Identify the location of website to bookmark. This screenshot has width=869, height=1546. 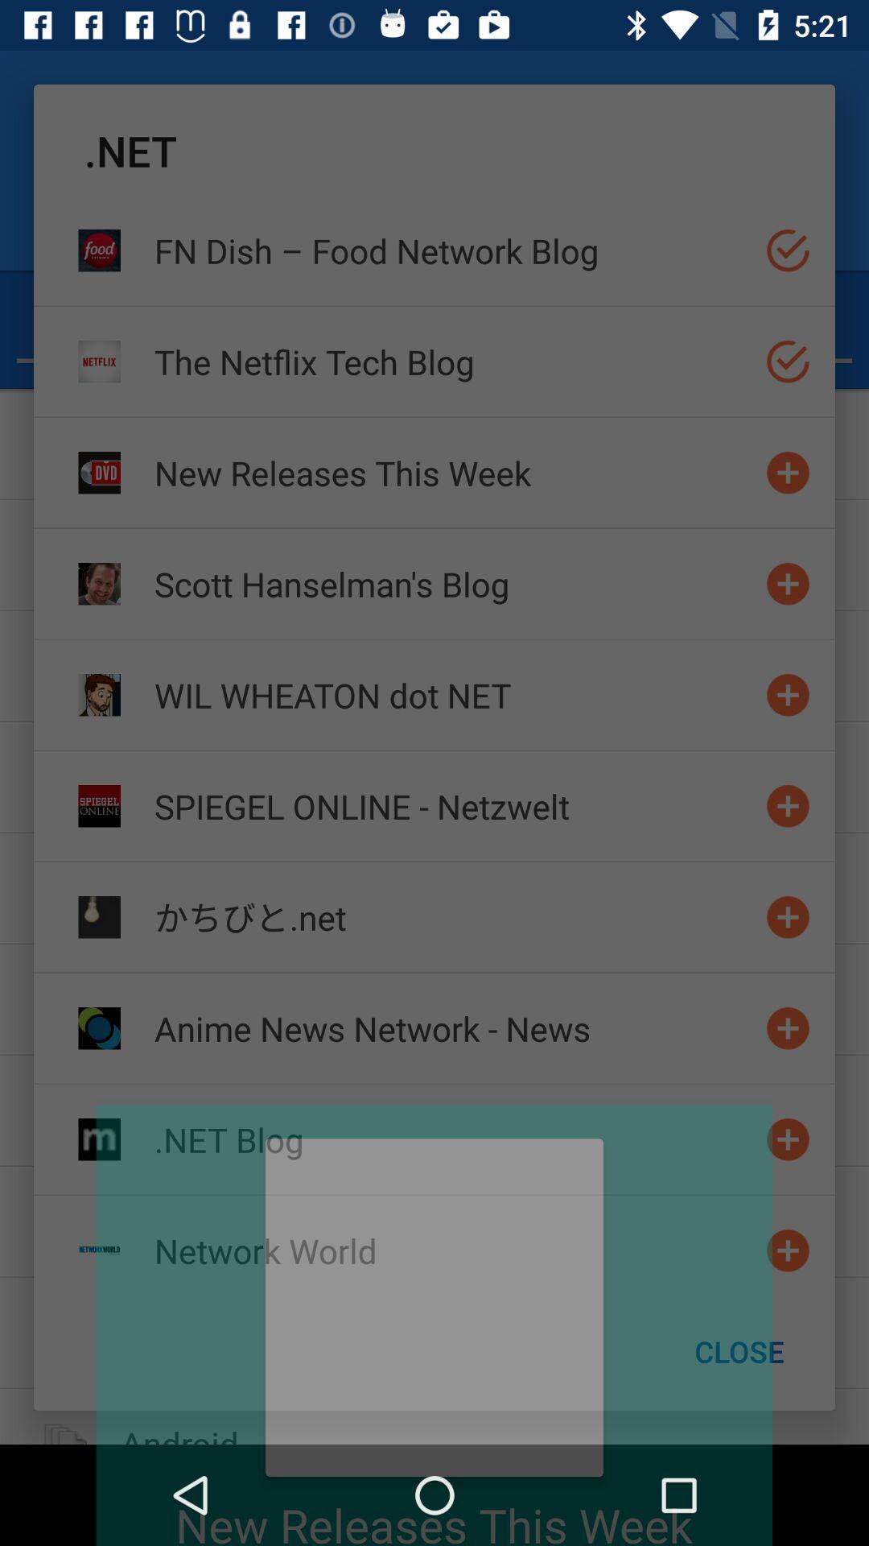
(787, 1139).